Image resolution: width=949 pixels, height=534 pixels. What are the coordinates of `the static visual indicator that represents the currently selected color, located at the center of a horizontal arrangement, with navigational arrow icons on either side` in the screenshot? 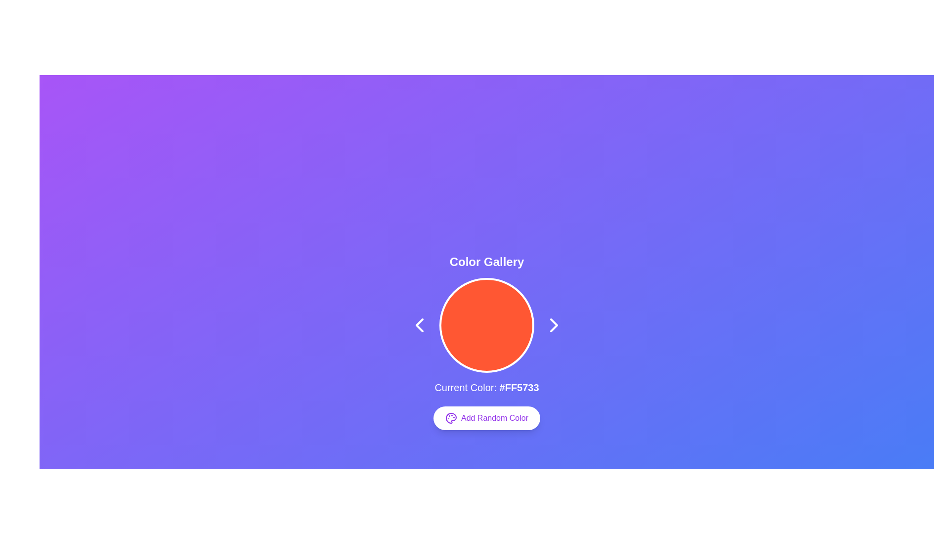 It's located at (486, 325).